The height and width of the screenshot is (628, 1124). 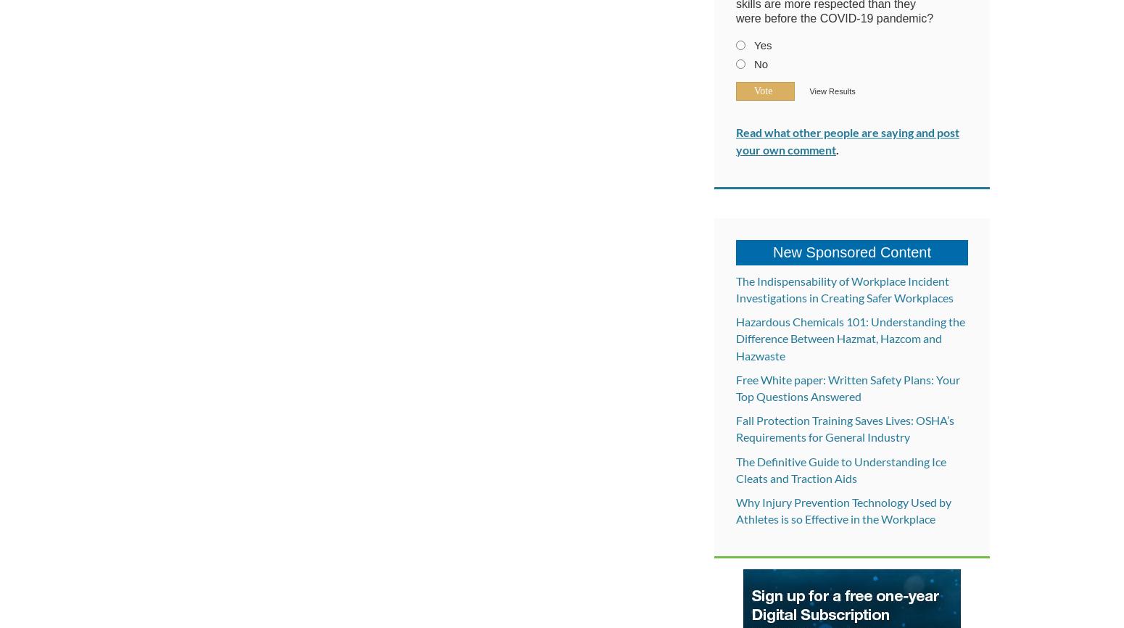 I want to click on 'Free White paper: Written Safety Plans: Your Top Questions Answered', so click(x=848, y=387).